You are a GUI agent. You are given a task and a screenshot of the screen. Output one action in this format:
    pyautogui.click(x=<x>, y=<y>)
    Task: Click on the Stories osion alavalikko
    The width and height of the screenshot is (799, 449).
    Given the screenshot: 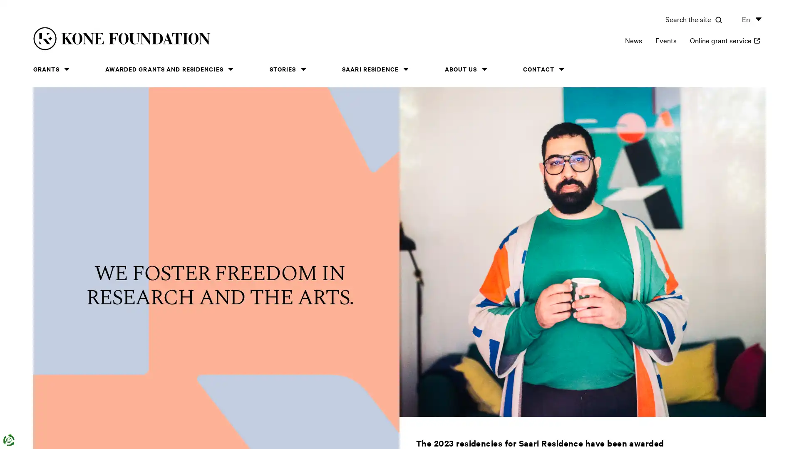 What is the action you would take?
    pyautogui.click(x=303, y=69)
    